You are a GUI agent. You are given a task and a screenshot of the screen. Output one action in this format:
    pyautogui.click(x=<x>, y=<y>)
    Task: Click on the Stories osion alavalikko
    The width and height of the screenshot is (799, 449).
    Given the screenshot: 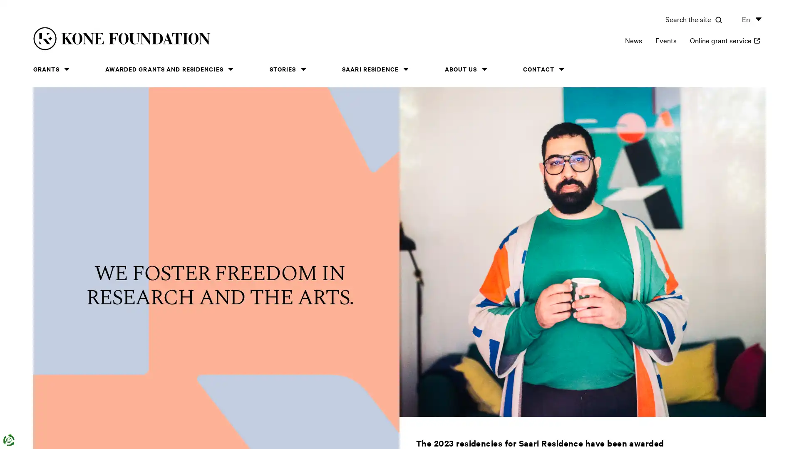 What is the action you would take?
    pyautogui.click(x=303, y=69)
    